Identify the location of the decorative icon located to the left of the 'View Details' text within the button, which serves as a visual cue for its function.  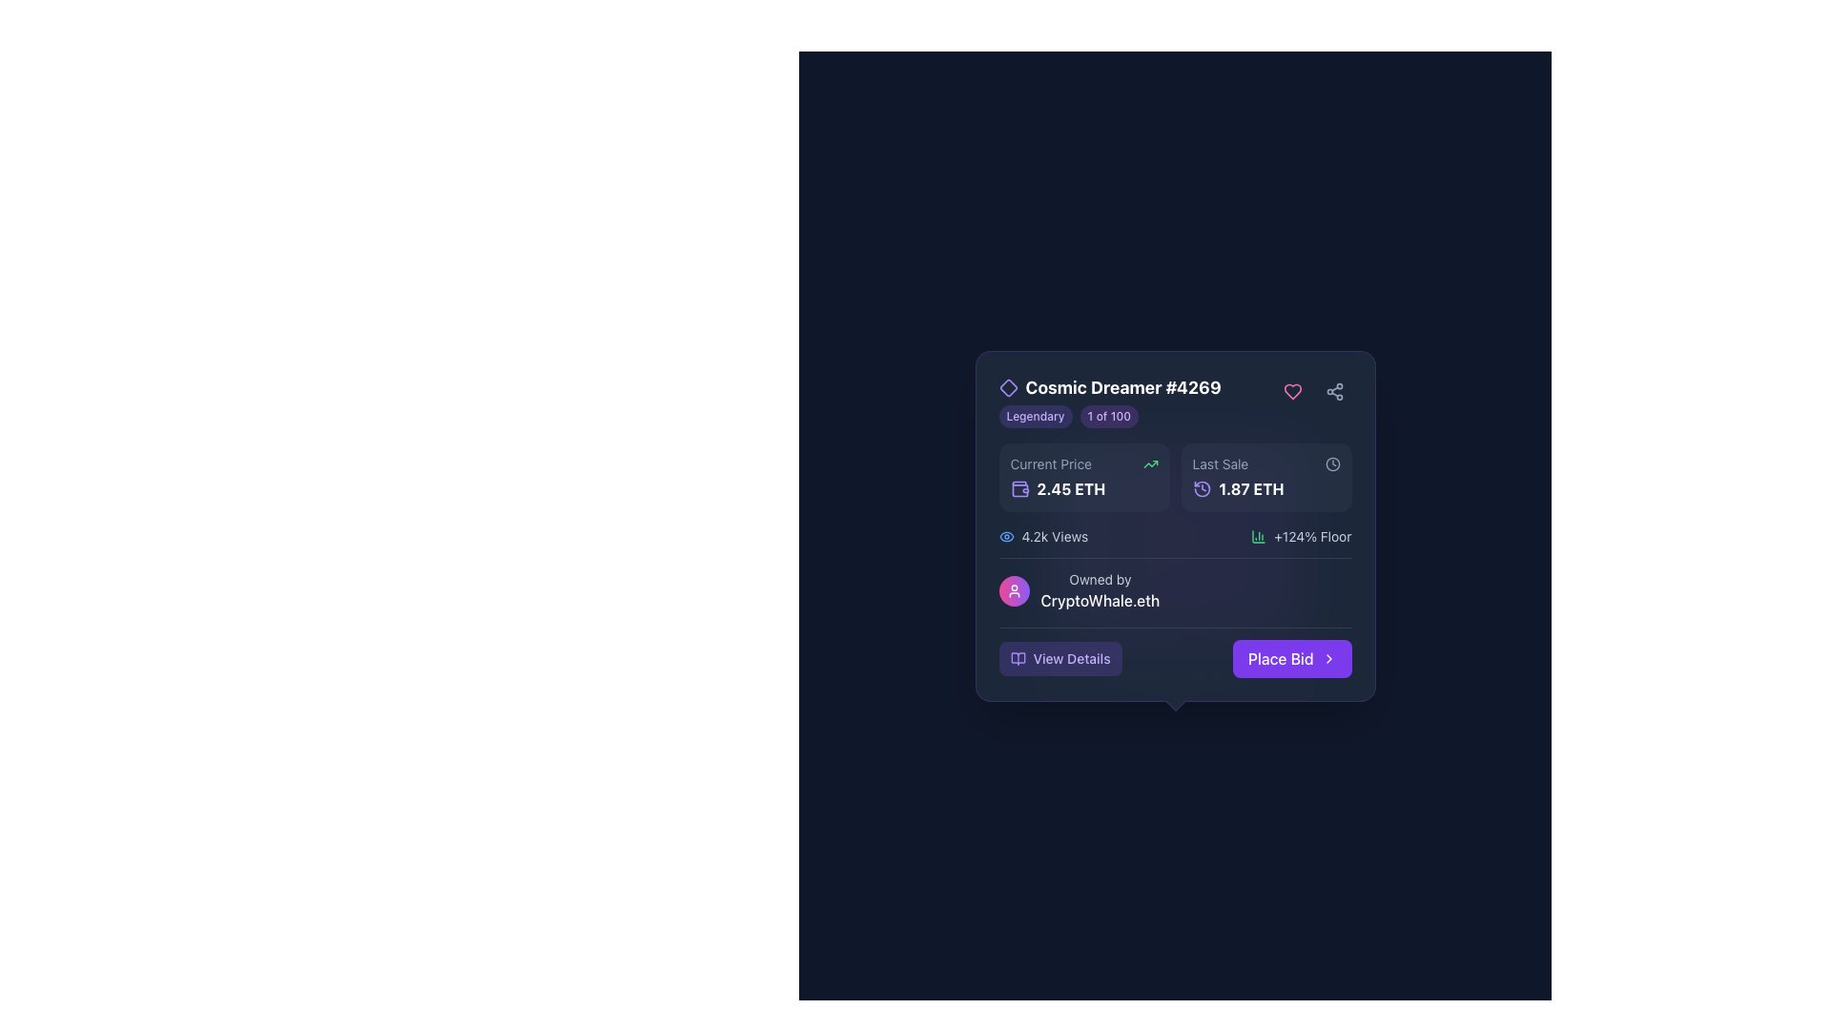
(1017, 657).